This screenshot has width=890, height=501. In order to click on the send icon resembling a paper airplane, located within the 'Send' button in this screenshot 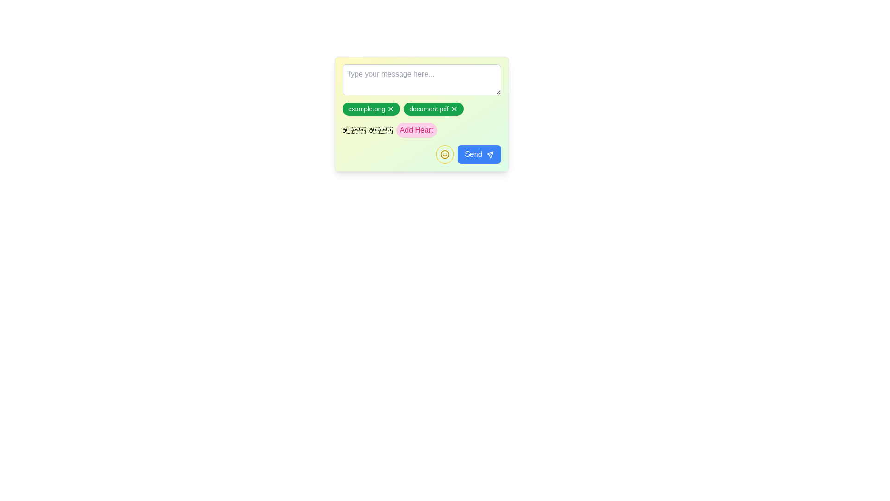, I will do `click(489, 154)`.